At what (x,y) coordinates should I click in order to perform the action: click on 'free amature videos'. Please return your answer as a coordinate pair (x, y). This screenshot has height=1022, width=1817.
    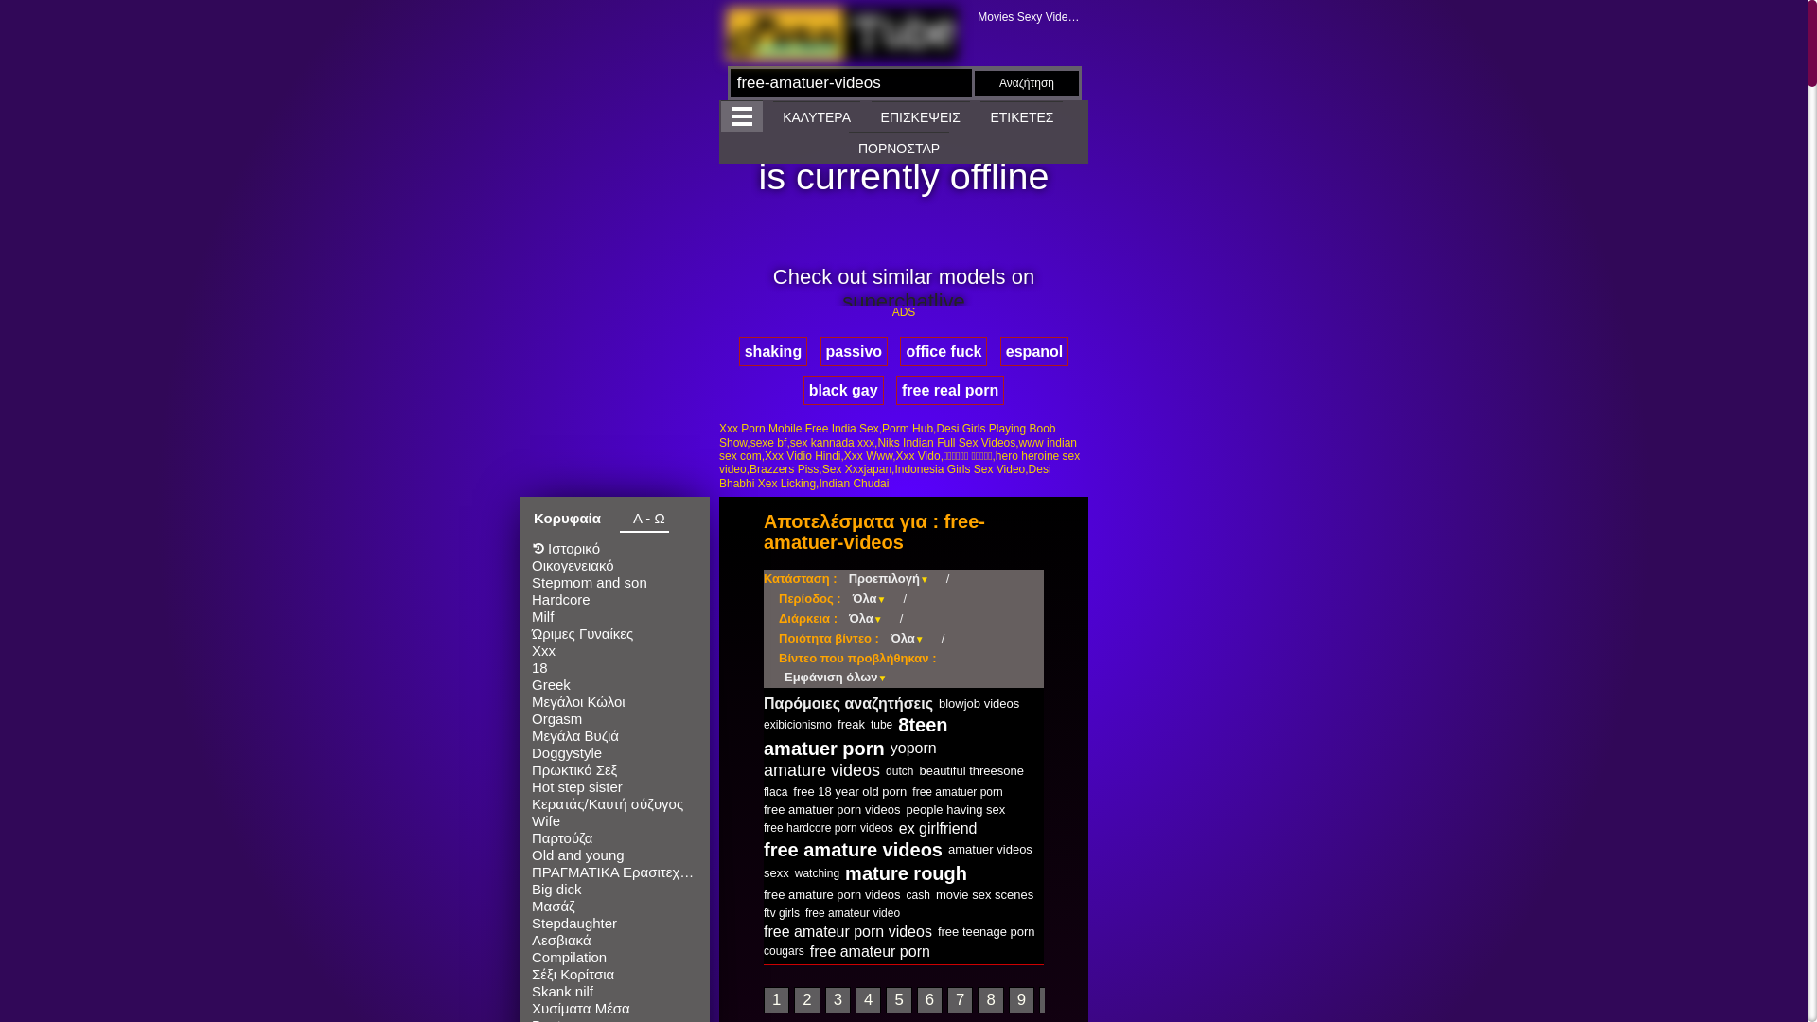
    Looking at the image, I should click on (852, 849).